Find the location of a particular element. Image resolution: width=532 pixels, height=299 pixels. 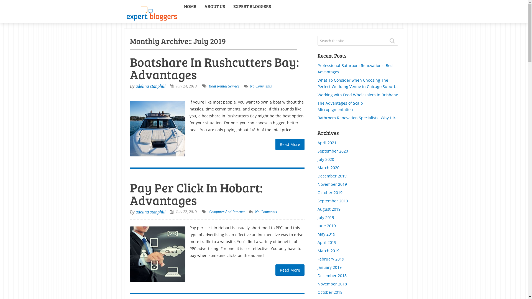

'September 2020' is located at coordinates (332, 151).